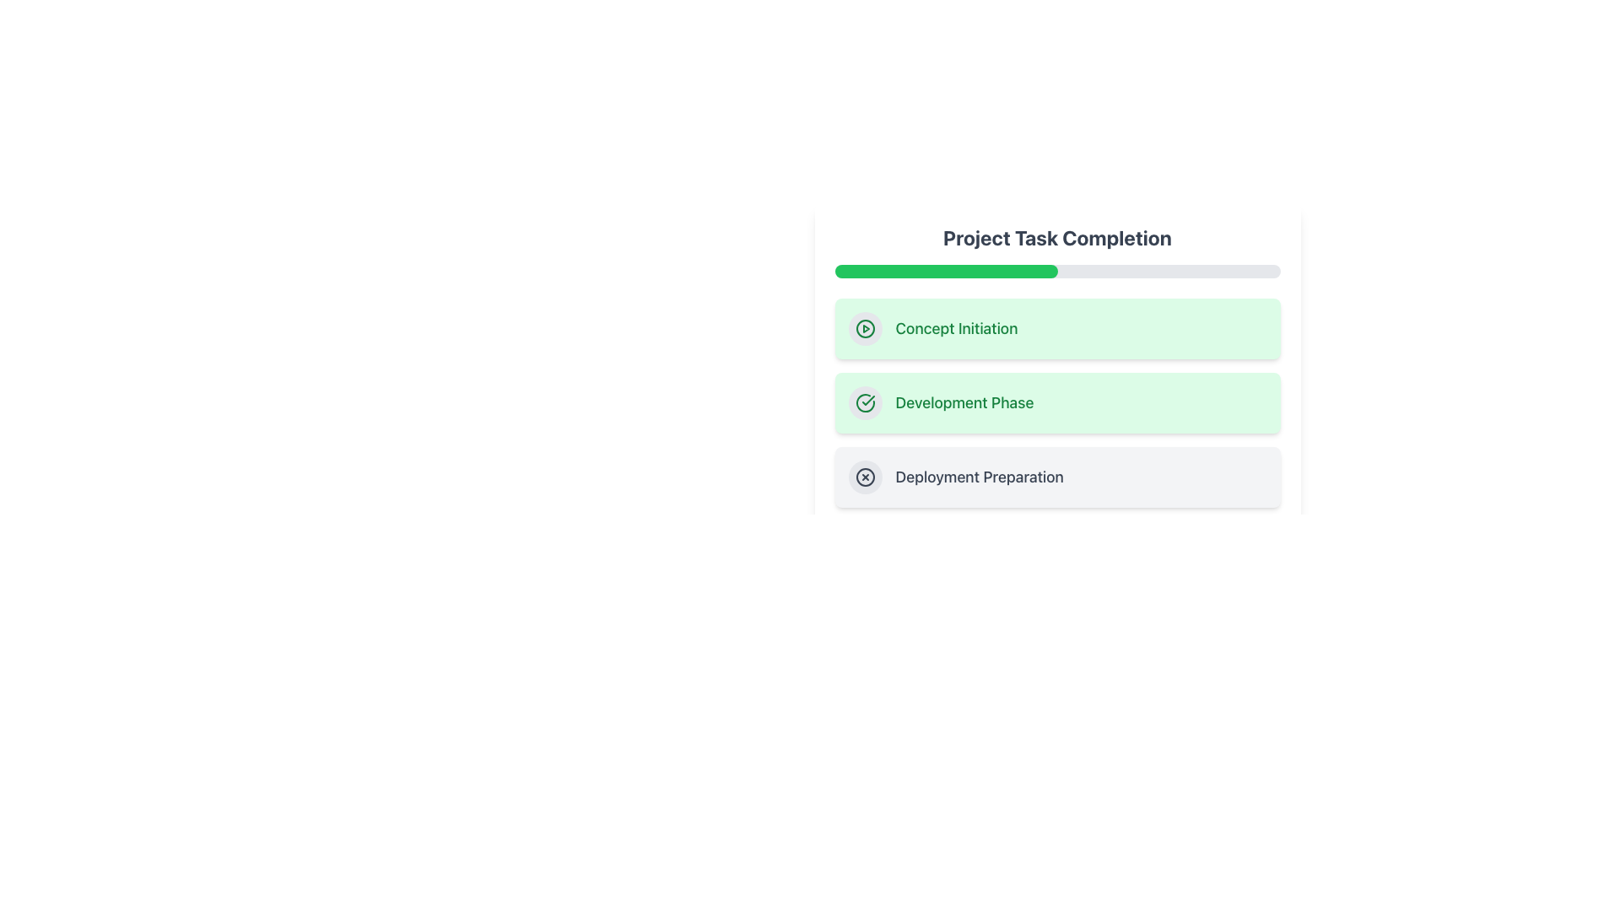  What do you see at coordinates (865, 328) in the screenshot?
I see `the icon button positioned to the left of the 'Concept Initiation' label within the first list entry of the task completion box` at bounding box center [865, 328].